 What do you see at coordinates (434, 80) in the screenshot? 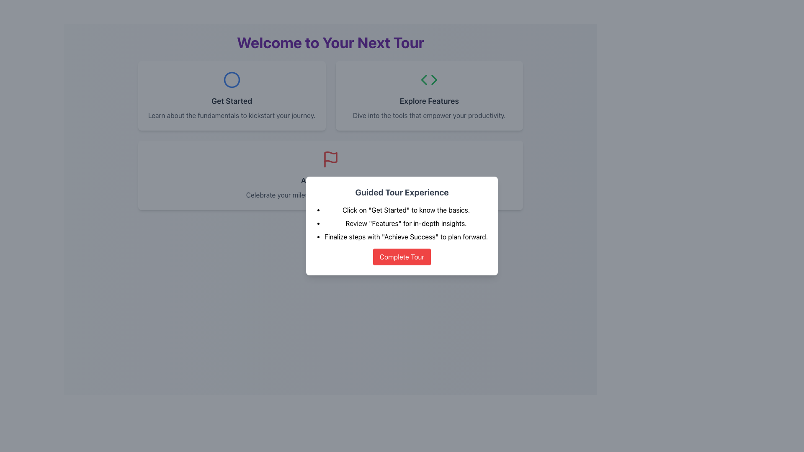
I see `the right chevron arrow icon located within the 'Explore Features' card in the top-right section of the interface, which suggests navigation functionality` at bounding box center [434, 80].